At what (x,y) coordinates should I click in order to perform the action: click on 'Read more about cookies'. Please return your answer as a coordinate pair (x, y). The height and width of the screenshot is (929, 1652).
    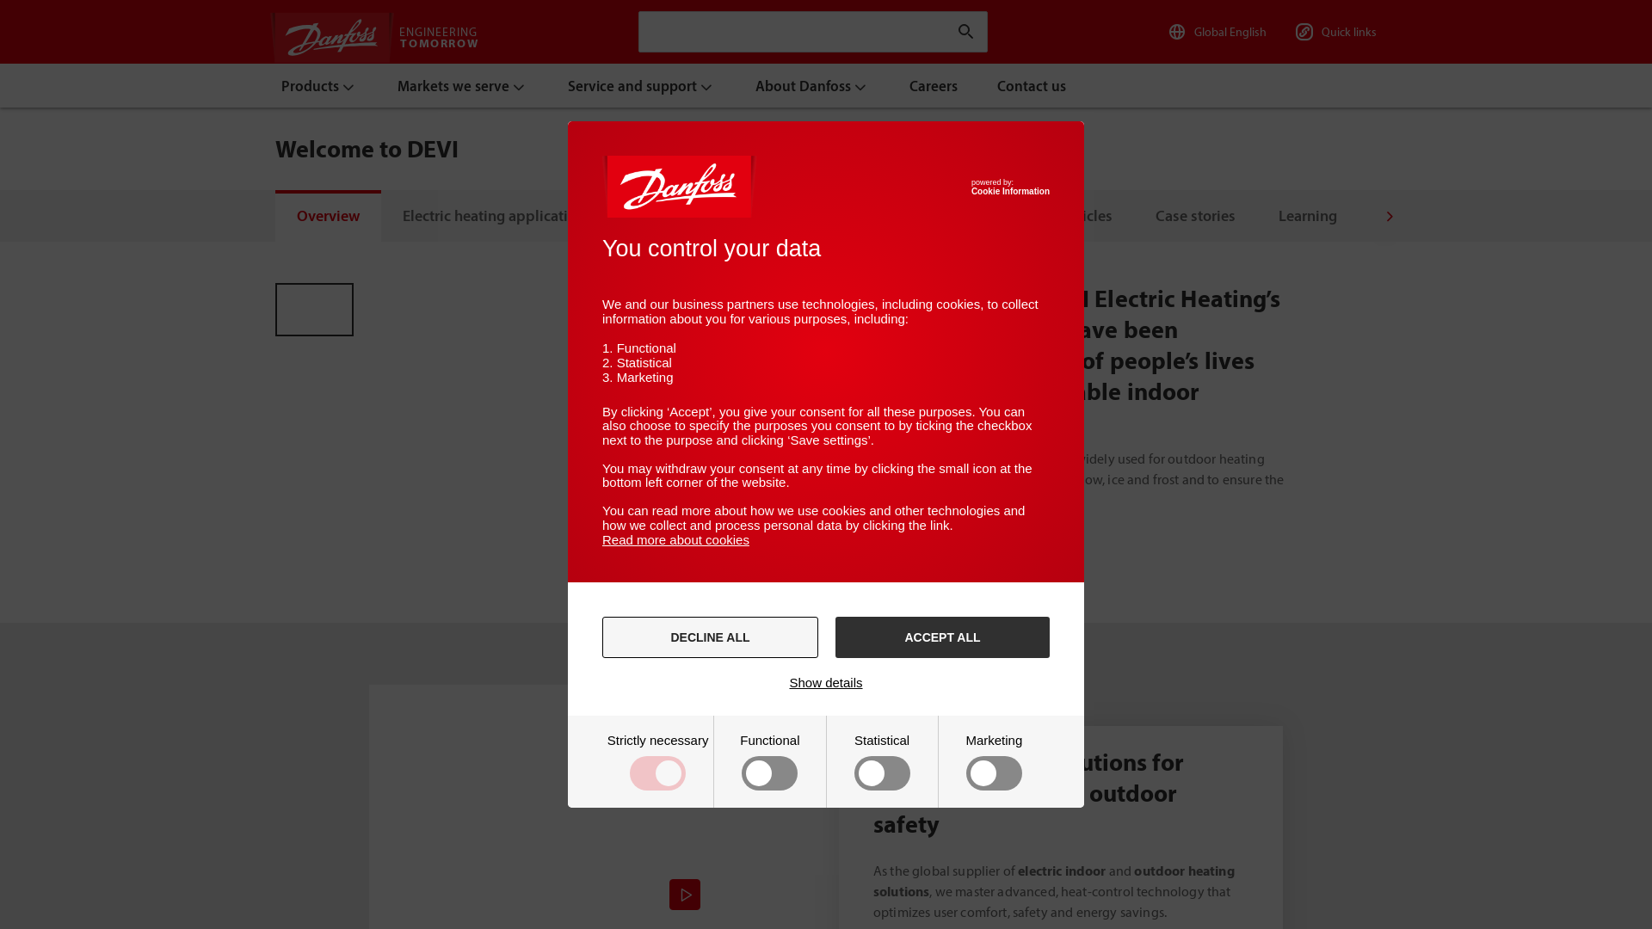
    Looking at the image, I should click on (675, 538).